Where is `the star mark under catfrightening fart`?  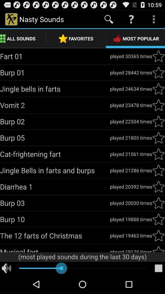 the star mark under catfrightening fart is located at coordinates (158, 154).